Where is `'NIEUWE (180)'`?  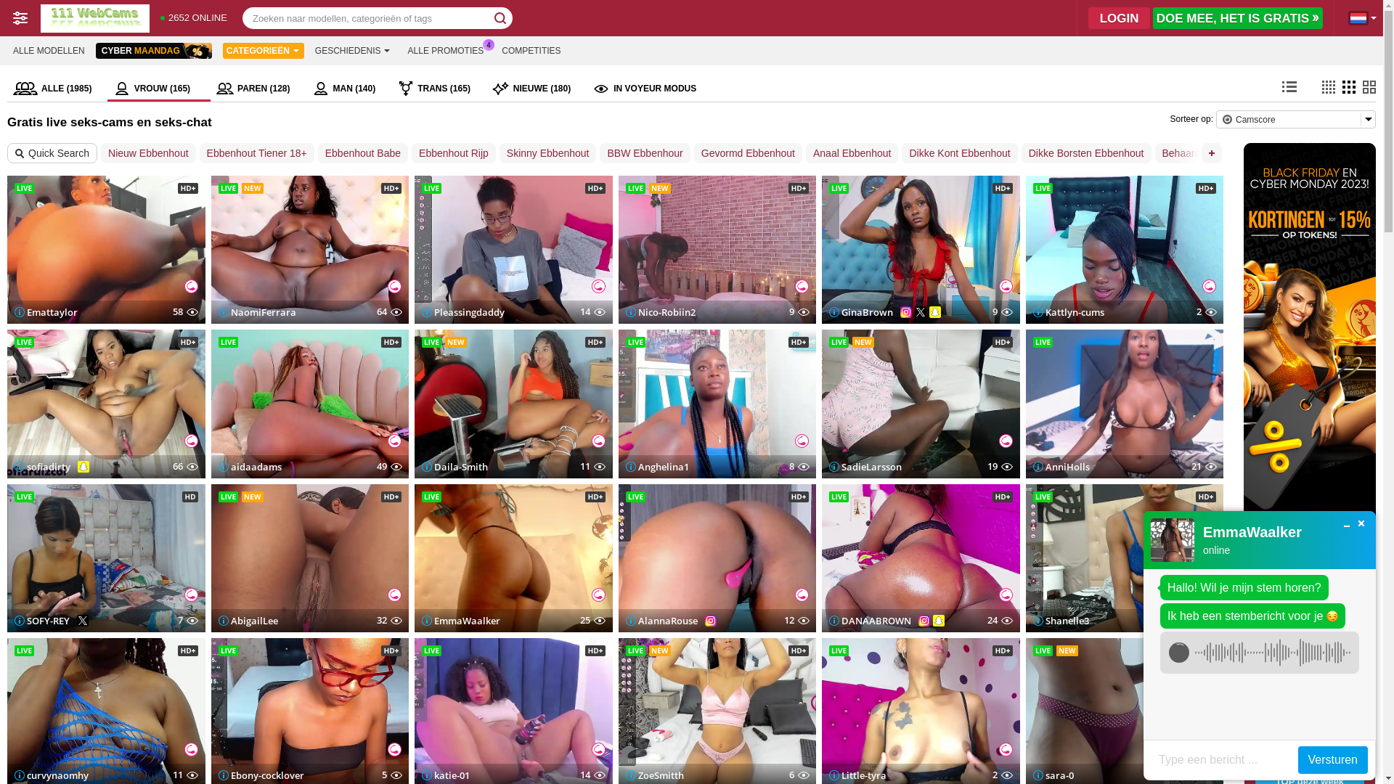
'NIEUWE (180)' is located at coordinates (536, 89).